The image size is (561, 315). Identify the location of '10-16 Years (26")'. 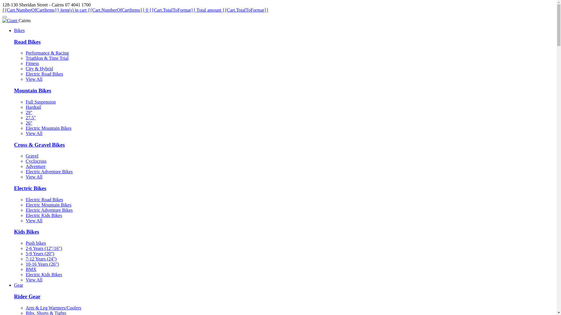
(42, 264).